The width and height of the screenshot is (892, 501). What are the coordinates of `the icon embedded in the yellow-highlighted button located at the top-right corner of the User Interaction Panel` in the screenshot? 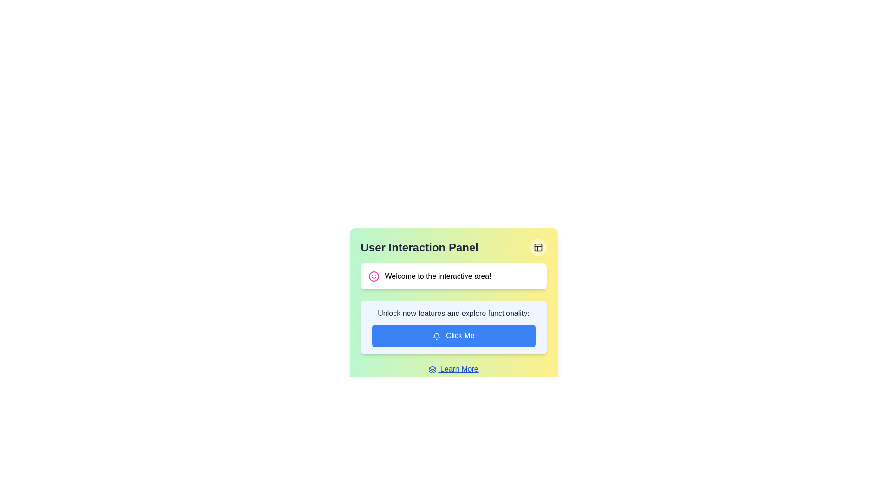 It's located at (538, 247).